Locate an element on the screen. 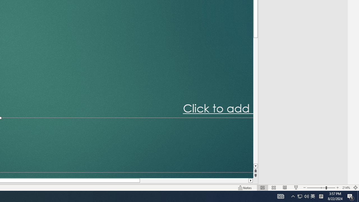 The height and width of the screenshot is (202, 359). 'Zoom 214%' is located at coordinates (346, 188).